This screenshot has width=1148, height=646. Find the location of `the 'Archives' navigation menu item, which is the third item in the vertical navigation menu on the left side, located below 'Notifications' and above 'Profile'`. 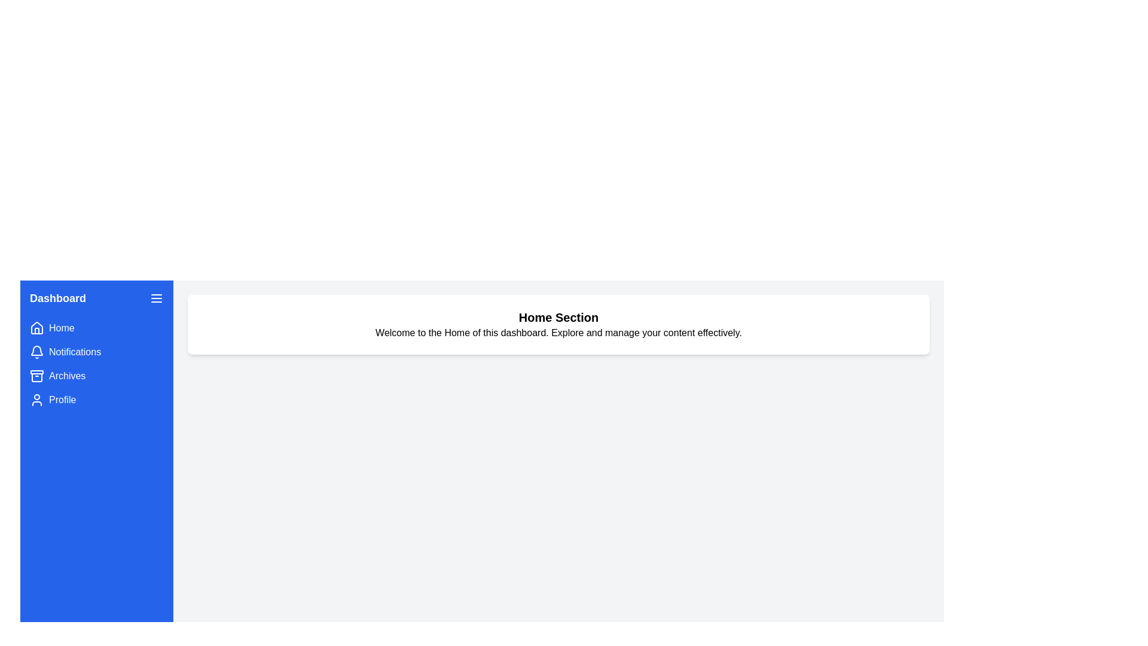

the 'Archives' navigation menu item, which is the third item in the vertical navigation menu on the left side, located below 'Notifications' and above 'Profile' is located at coordinates (97, 375).